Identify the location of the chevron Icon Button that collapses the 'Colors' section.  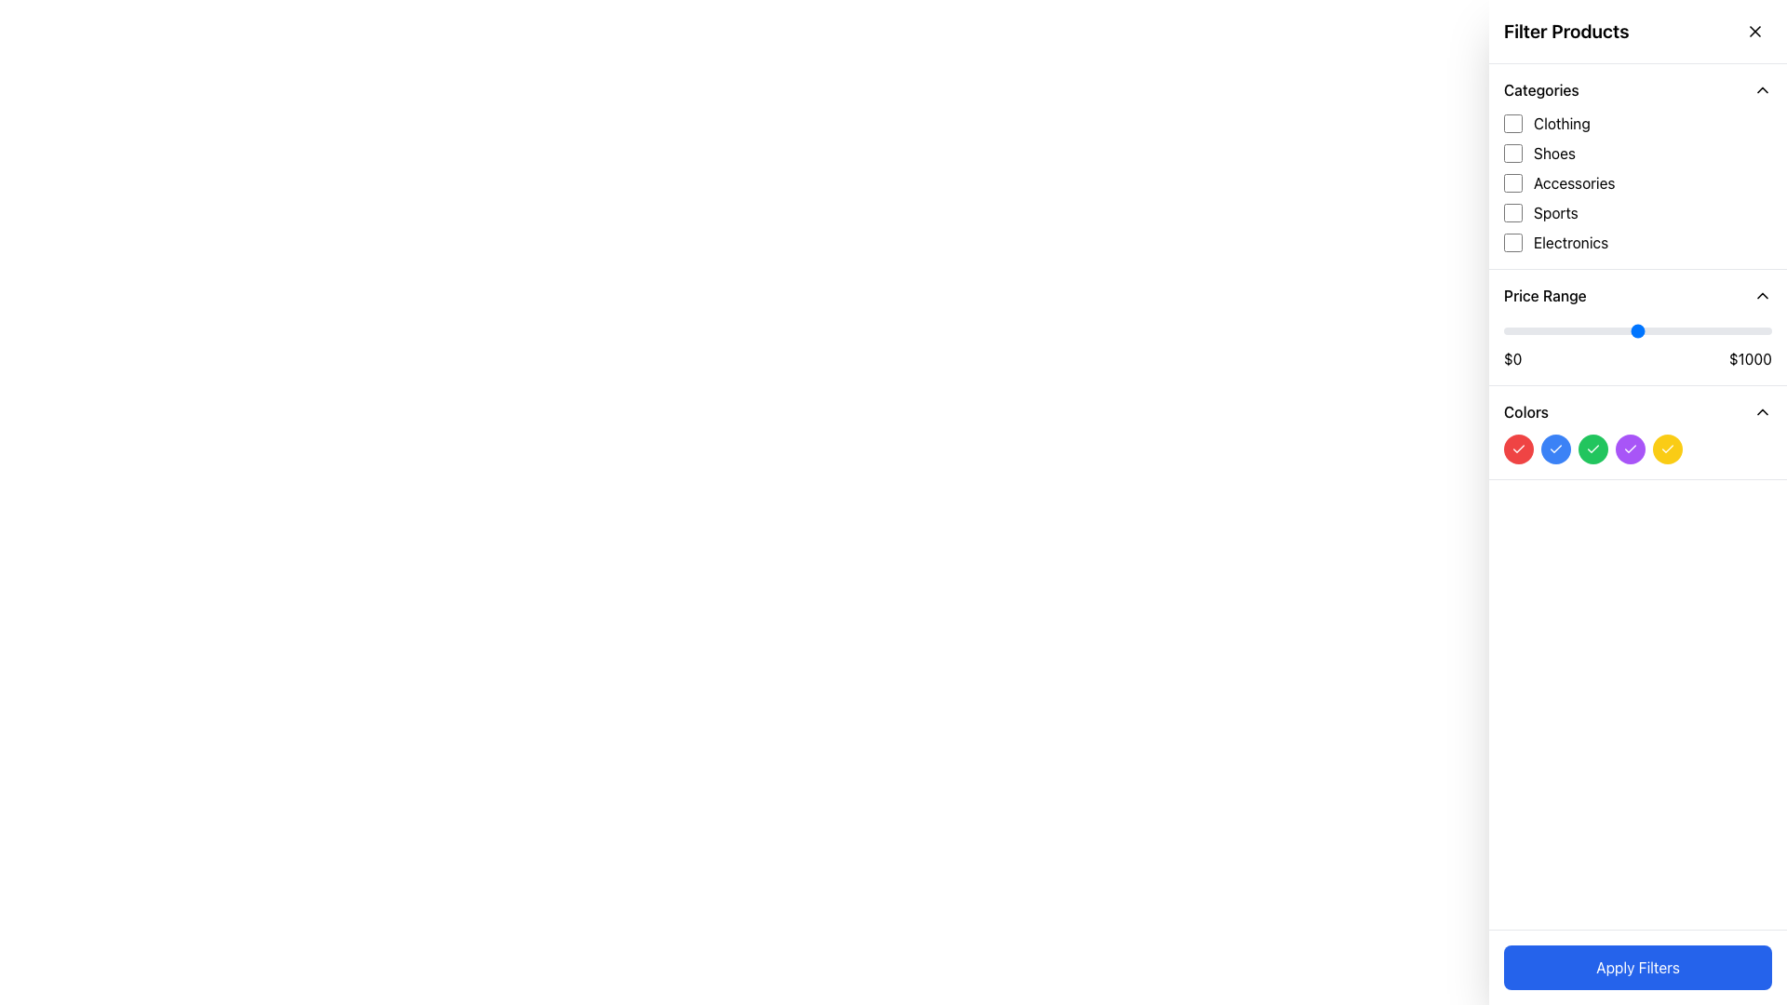
(1762, 411).